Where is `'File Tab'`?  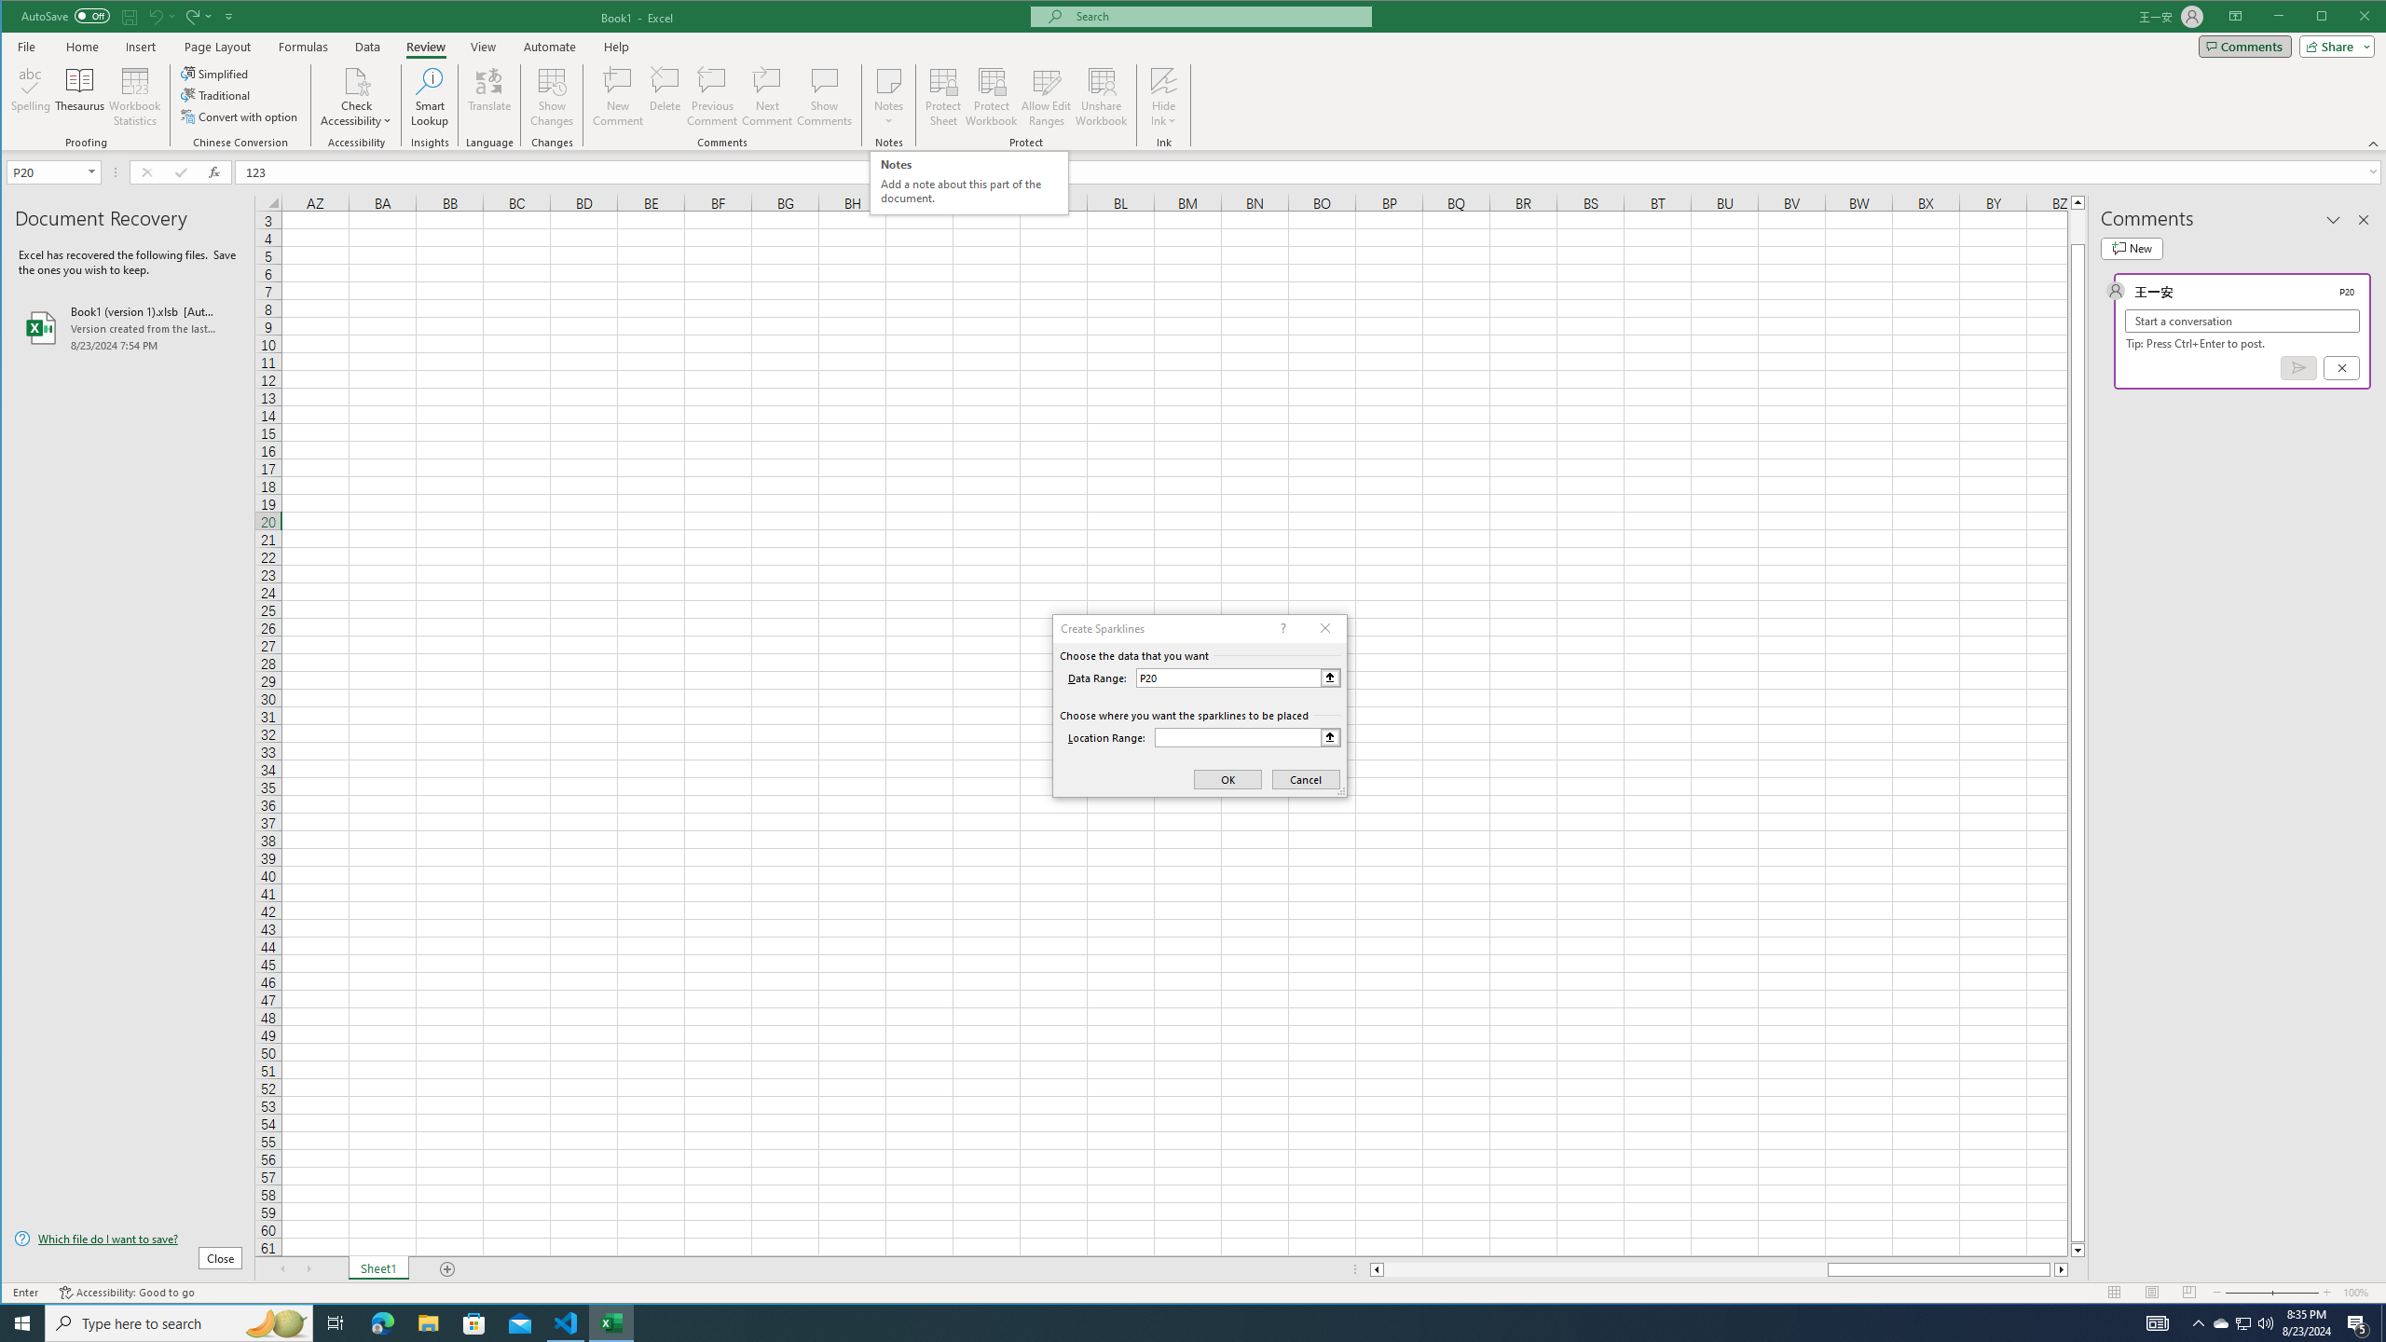
'File Tab' is located at coordinates (26, 46).